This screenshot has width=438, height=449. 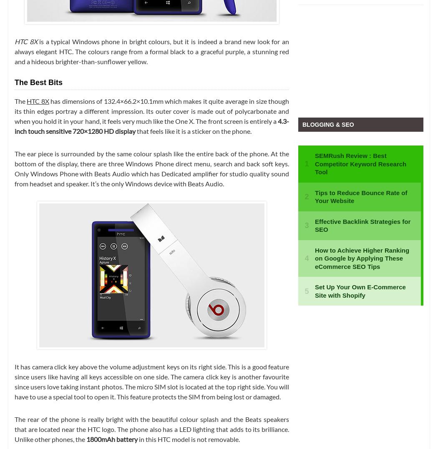 I want to click on 'The Best Bits', so click(x=38, y=81).